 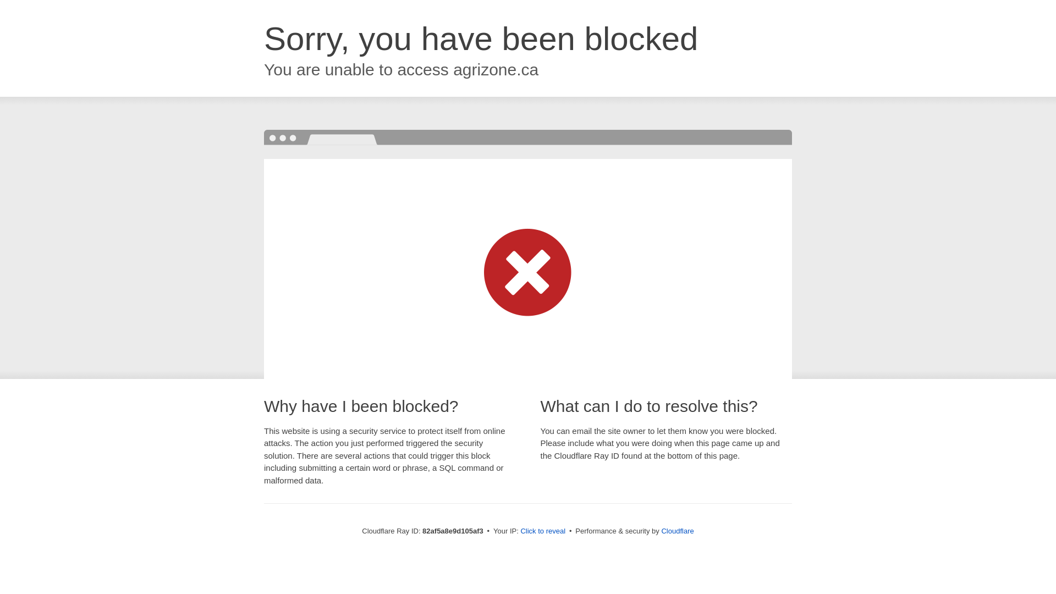 I want to click on 'Click to reveal', so click(x=519, y=530).